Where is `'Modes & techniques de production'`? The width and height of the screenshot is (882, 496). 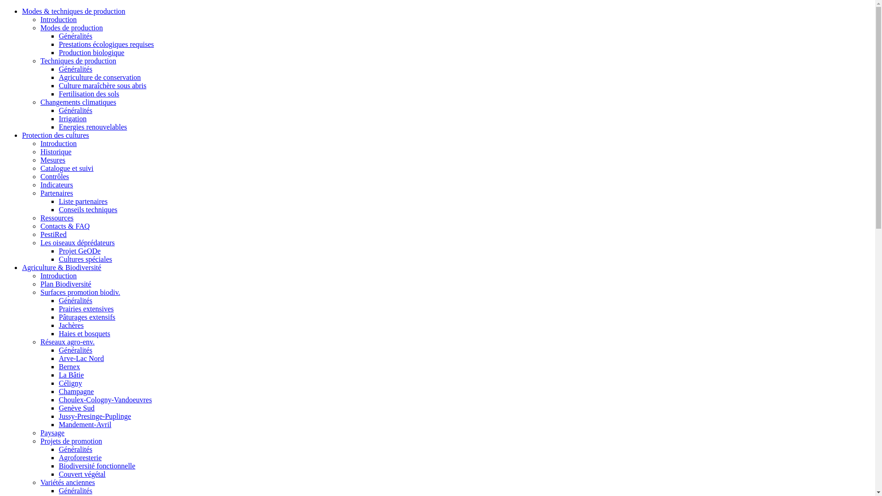 'Modes & techniques de production' is located at coordinates (73, 11).